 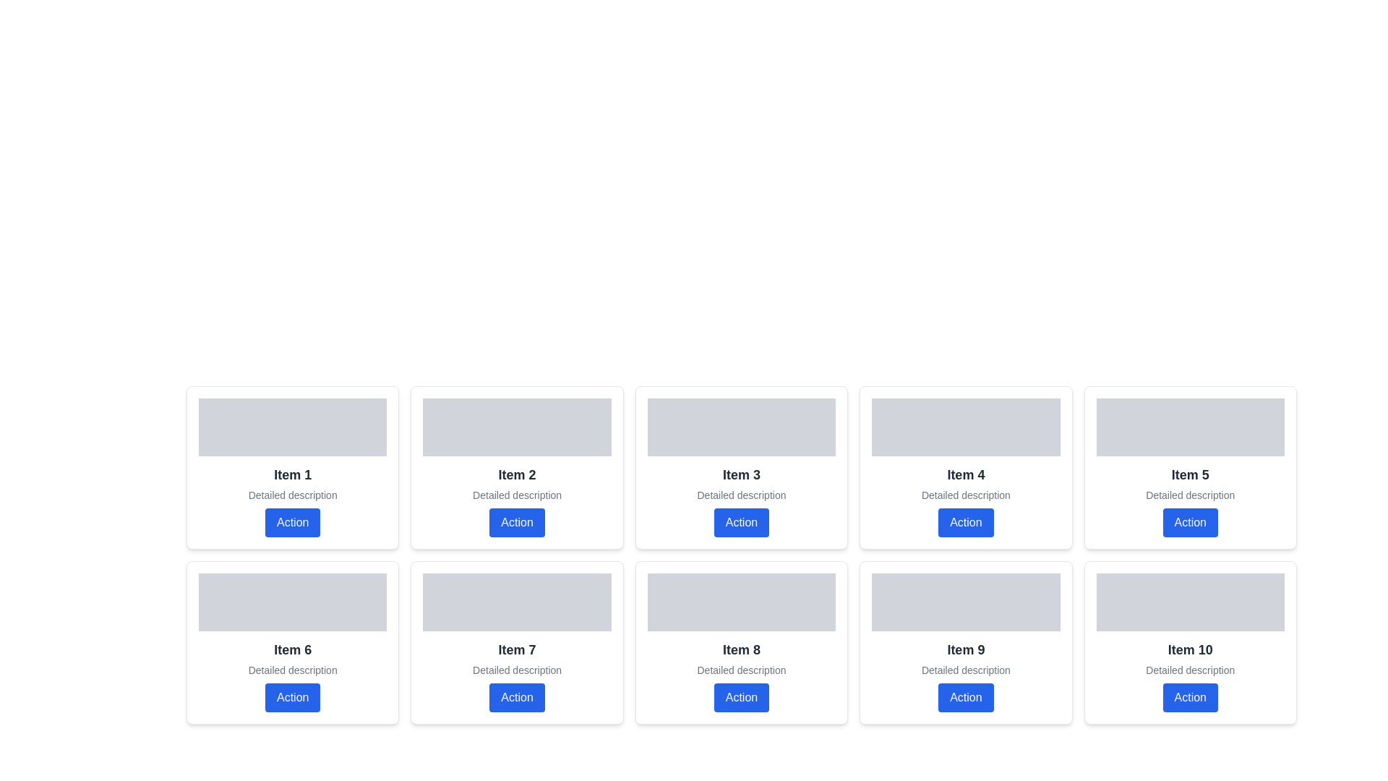 What do you see at coordinates (742, 522) in the screenshot?
I see `the button located at the bottom of the card titled 'Item 3' to change its appearance` at bounding box center [742, 522].